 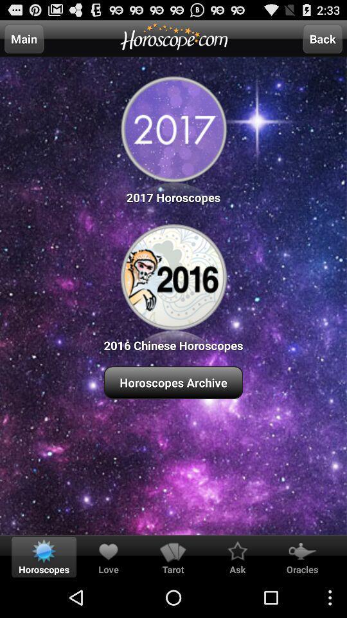 What do you see at coordinates (173, 382) in the screenshot?
I see `horoscopes archive item` at bounding box center [173, 382].